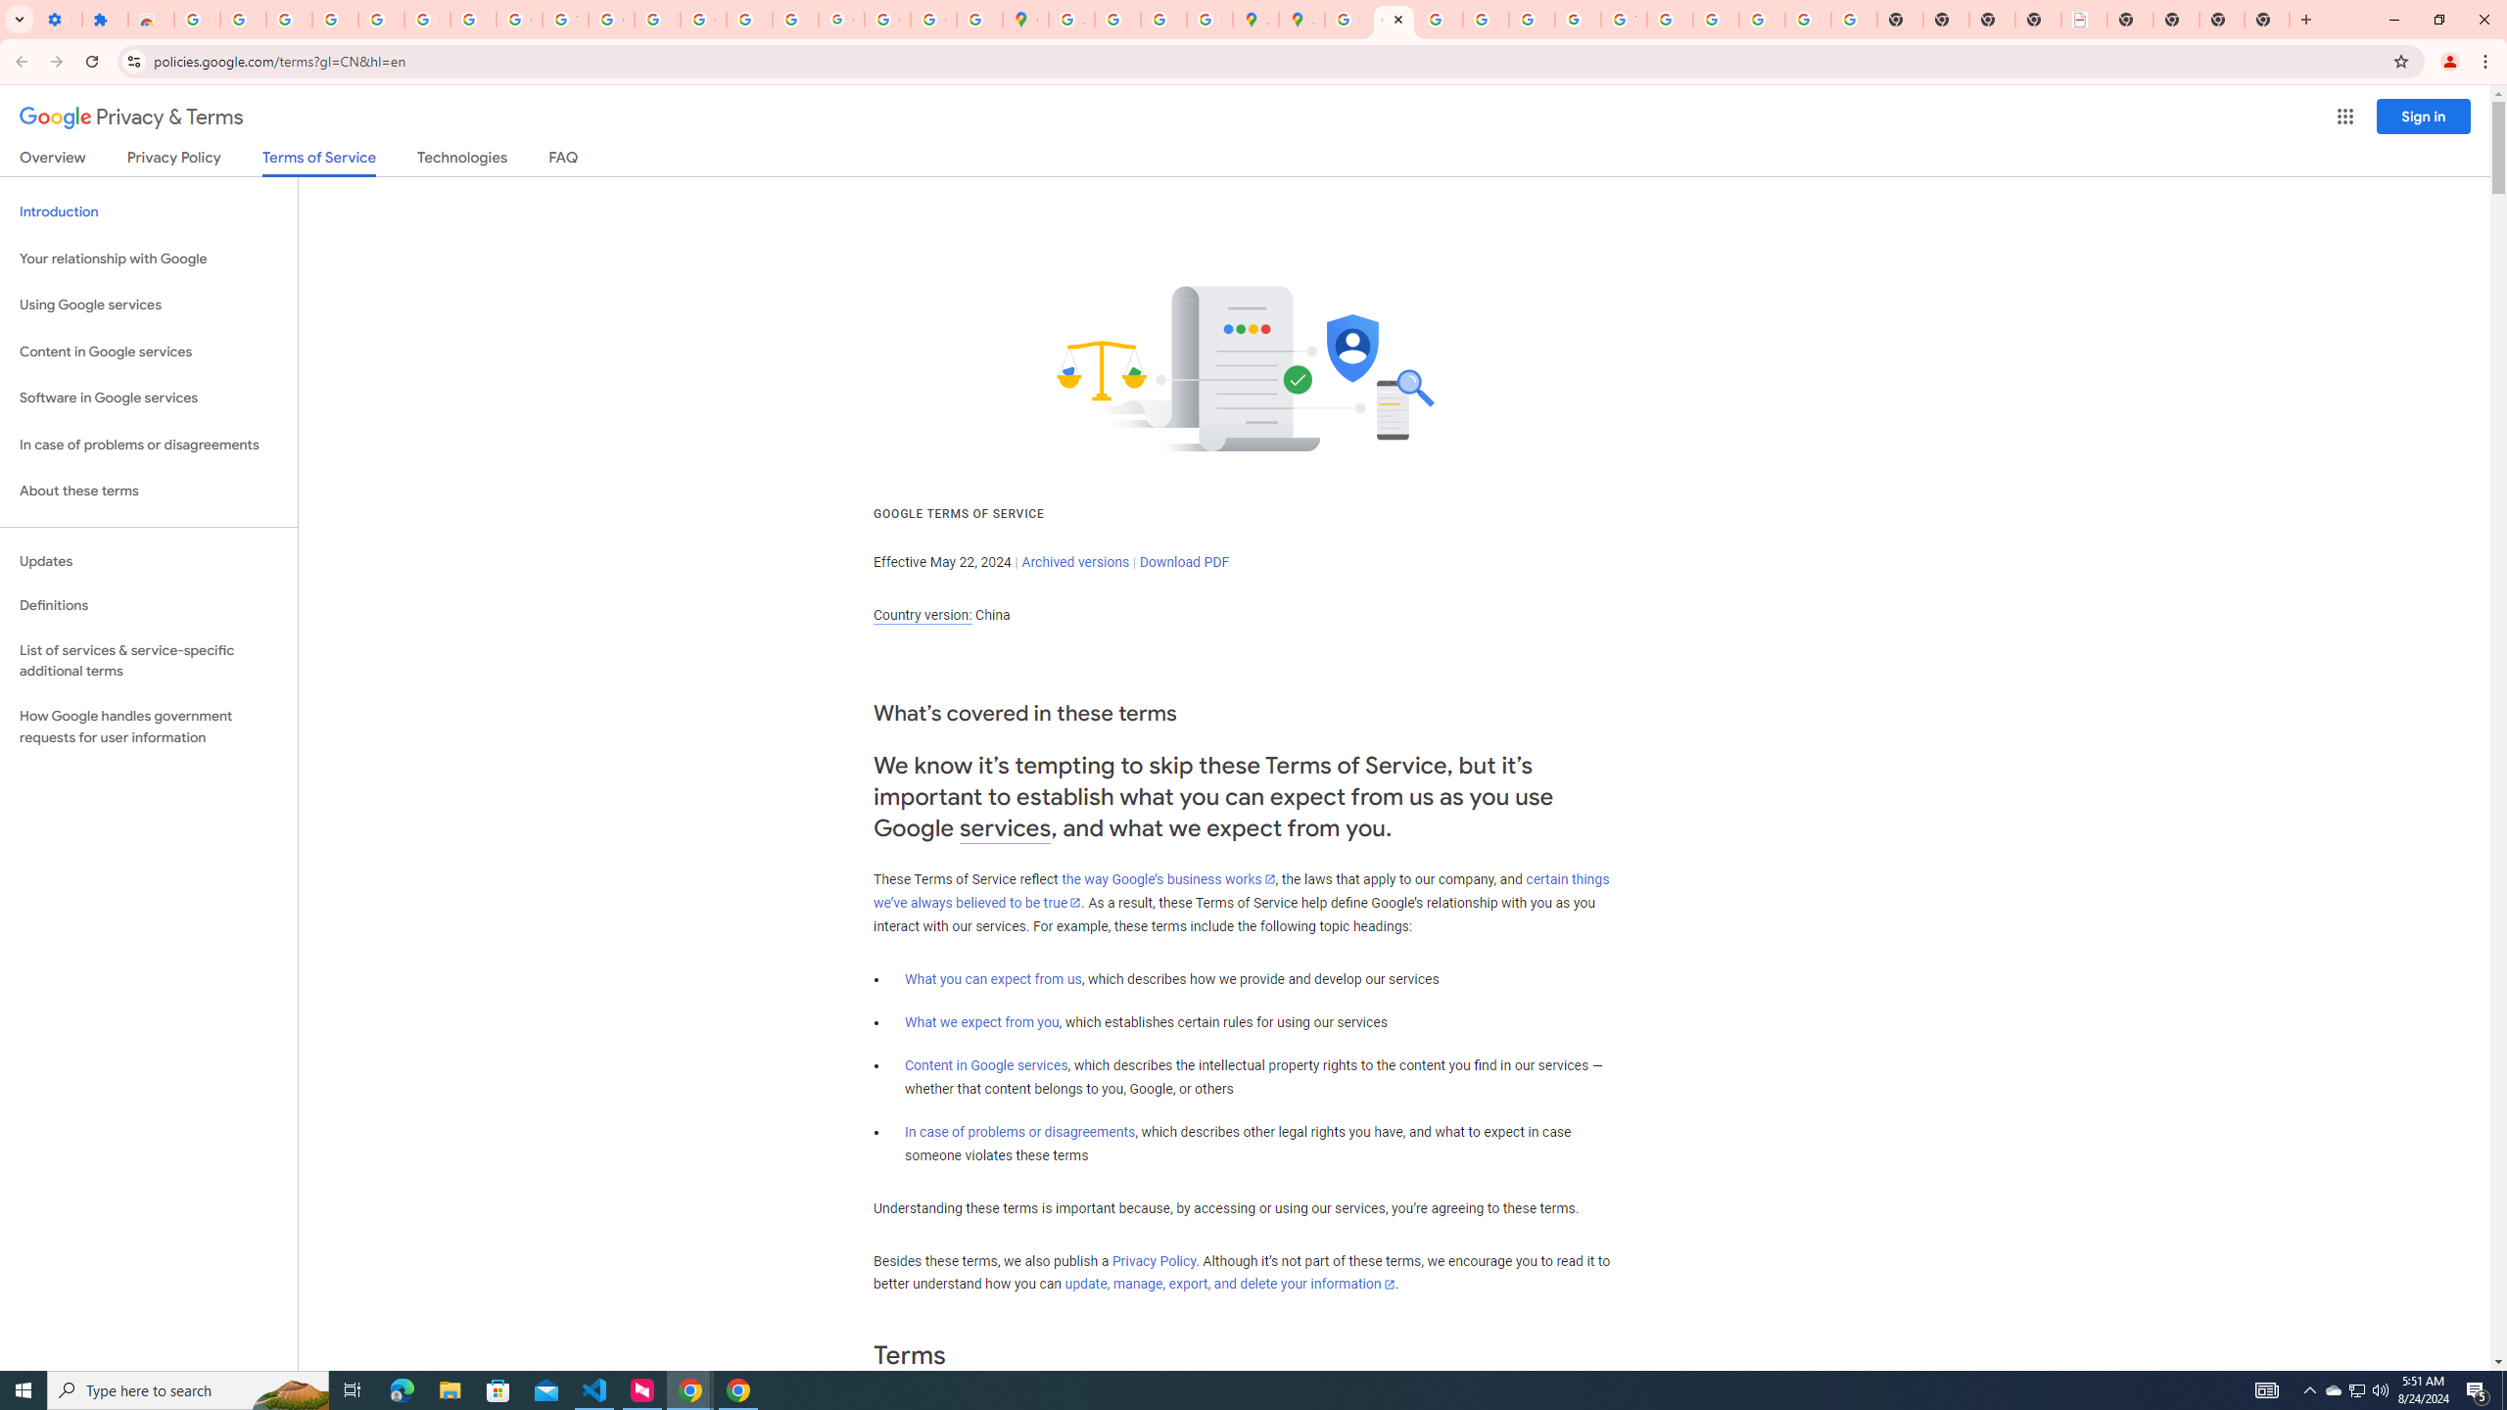 The width and height of the screenshot is (2507, 1410). I want to click on 'How Google handles government requests for user information', so click(148, 727).